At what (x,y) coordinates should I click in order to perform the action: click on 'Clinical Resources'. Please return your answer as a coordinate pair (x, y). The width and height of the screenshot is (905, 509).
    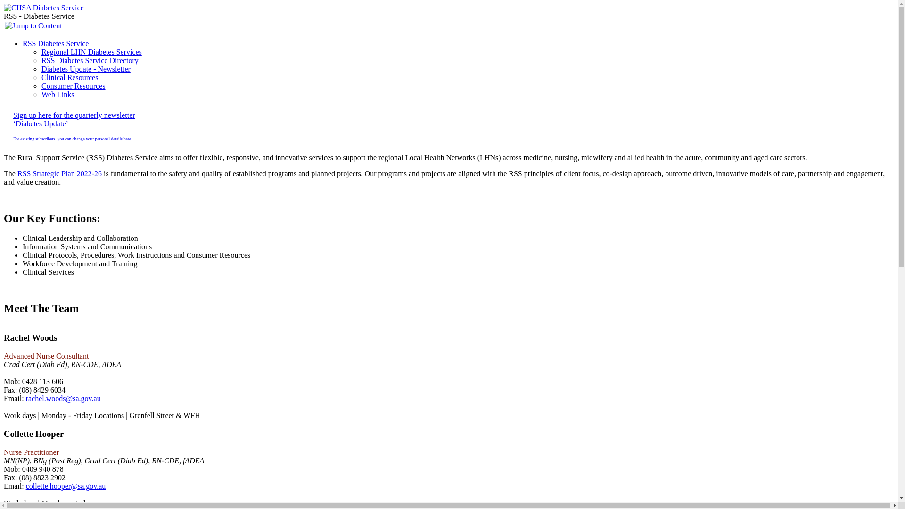
    Looking at the image, I should click on (69, 77).